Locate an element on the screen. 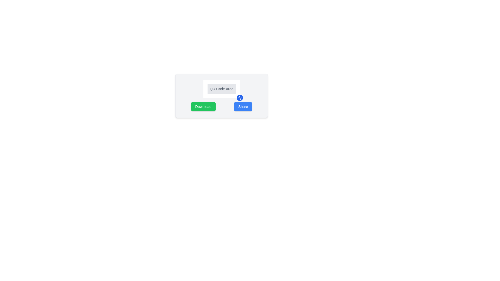  the white activity icon inside the blue button at the bottom right of the 'Share' button is located at coordinates (239, 98).